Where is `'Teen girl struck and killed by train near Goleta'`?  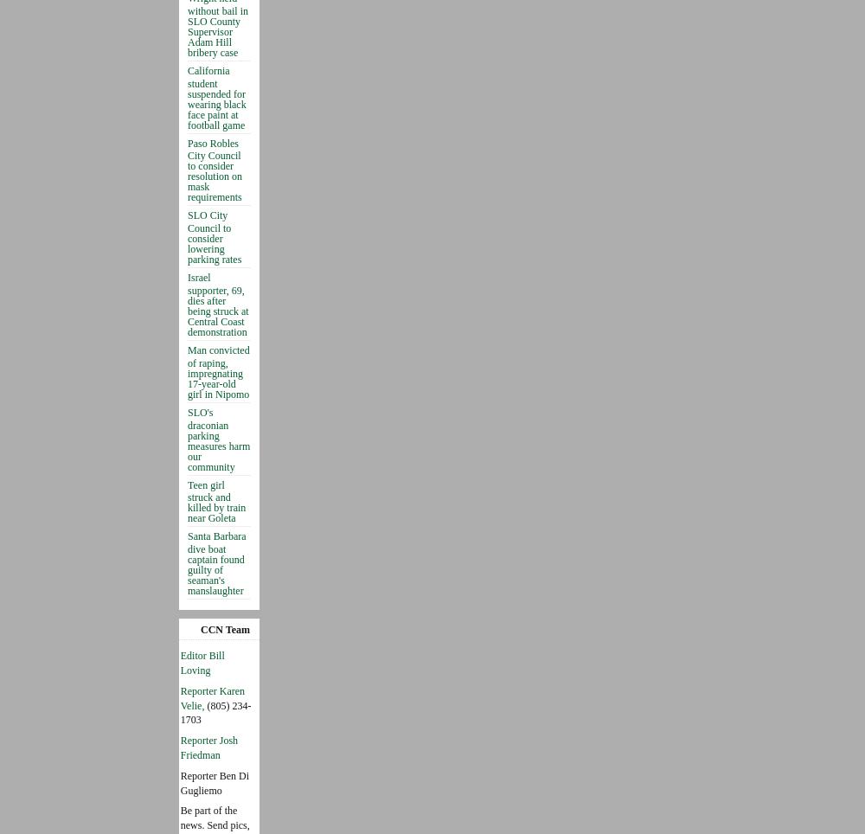
'Teen girl struck and killed by train near Goleta' is located at coordinates (216, 500).